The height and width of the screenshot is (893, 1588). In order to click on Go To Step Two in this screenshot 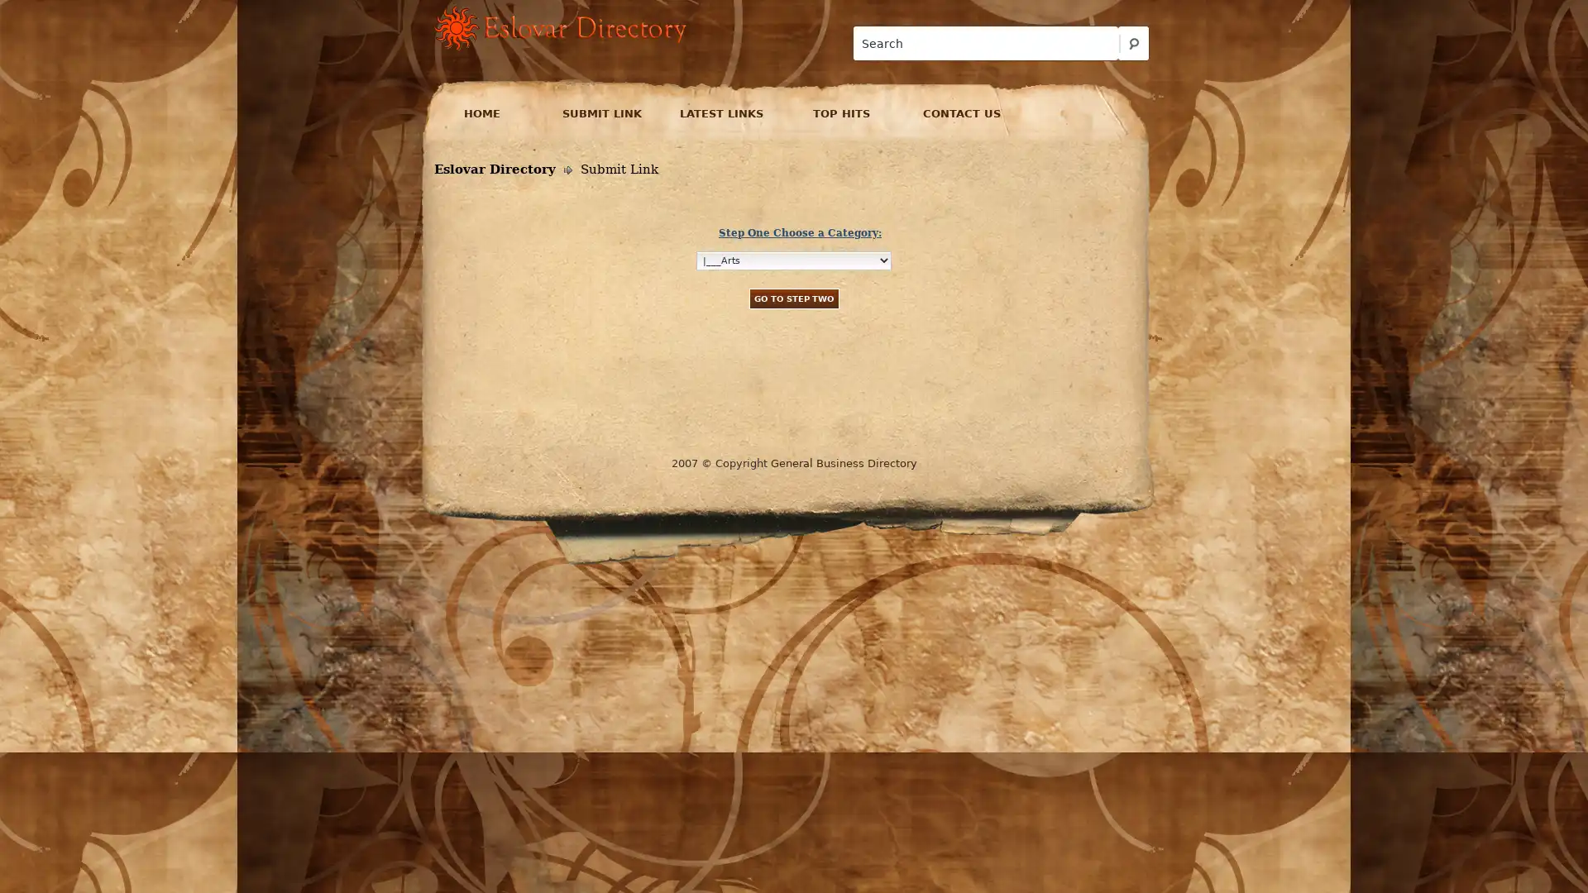, I will do `click(792, 298)`.